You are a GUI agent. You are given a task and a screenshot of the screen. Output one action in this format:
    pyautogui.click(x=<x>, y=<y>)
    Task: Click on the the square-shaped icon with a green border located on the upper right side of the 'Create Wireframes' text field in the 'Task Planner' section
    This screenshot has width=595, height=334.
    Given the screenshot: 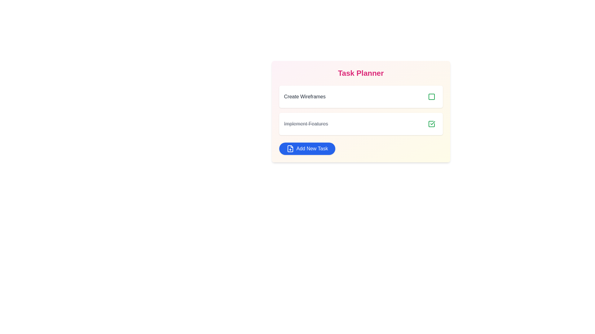 What is the action you would take?
    pyautogui.click(x=431, y=96)
    